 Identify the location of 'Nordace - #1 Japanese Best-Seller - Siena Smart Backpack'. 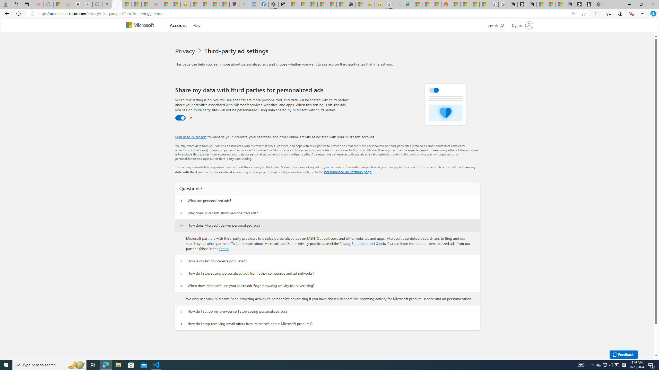
(351, 4).